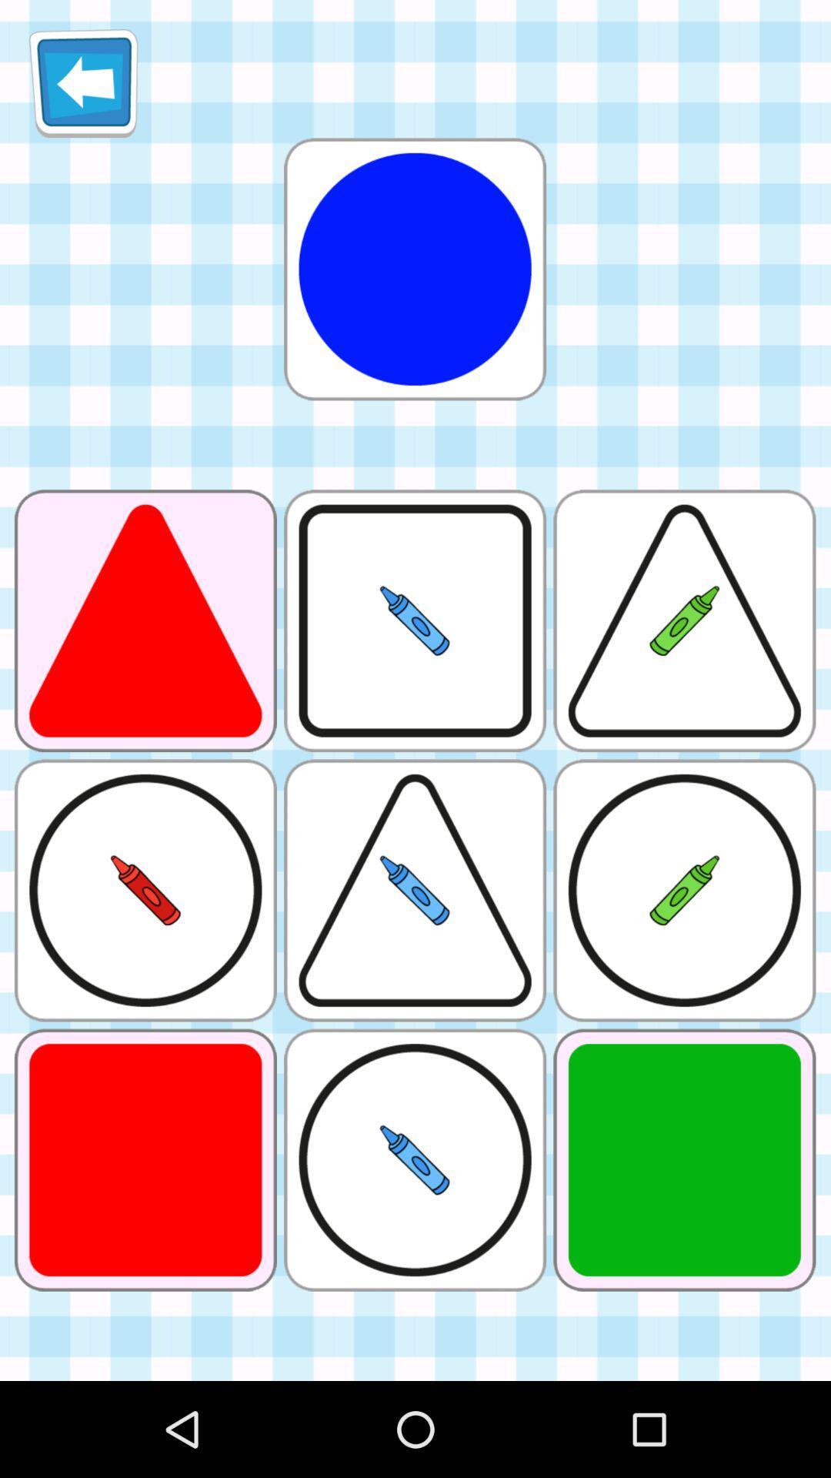 This screenshot has height=1478, width=831. Describe the element at coordinates (414, 269) in the screenshot. I see `insert blue circle` at that location.